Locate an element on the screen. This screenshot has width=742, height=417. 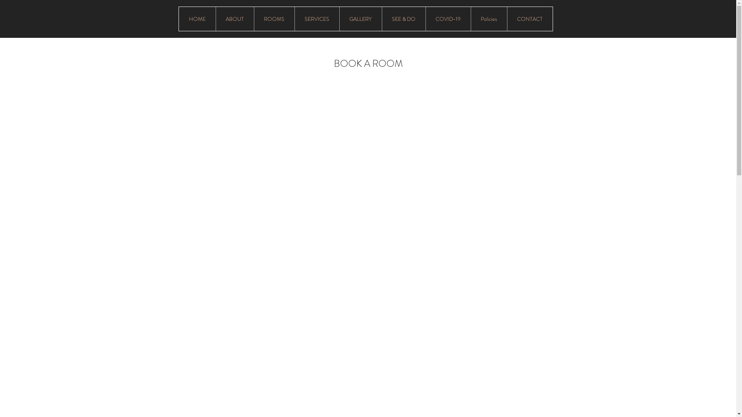
'Policies' is located at coordinates (488, 19).